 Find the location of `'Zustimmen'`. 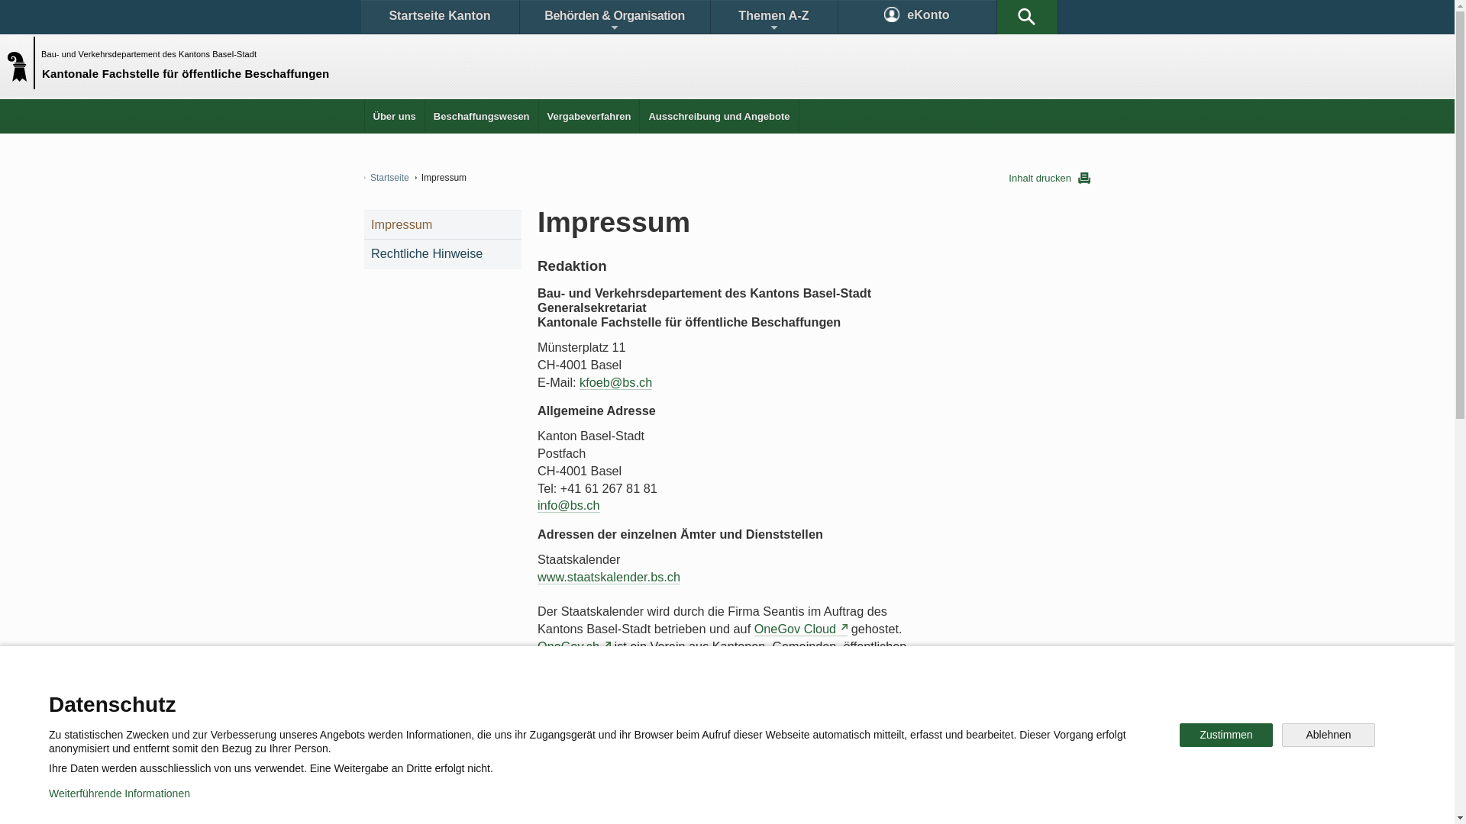

'Zustimmen' is located at coordinates (1179, 734).